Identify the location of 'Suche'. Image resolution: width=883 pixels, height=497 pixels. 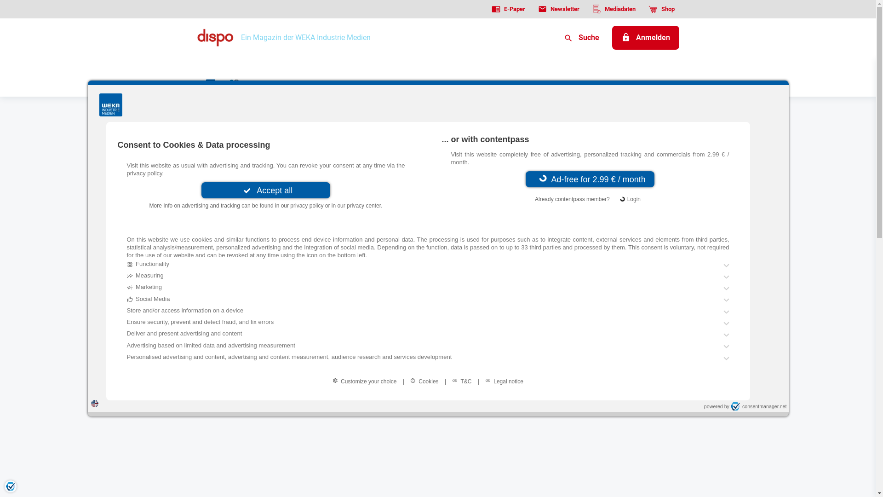
(554, 37).